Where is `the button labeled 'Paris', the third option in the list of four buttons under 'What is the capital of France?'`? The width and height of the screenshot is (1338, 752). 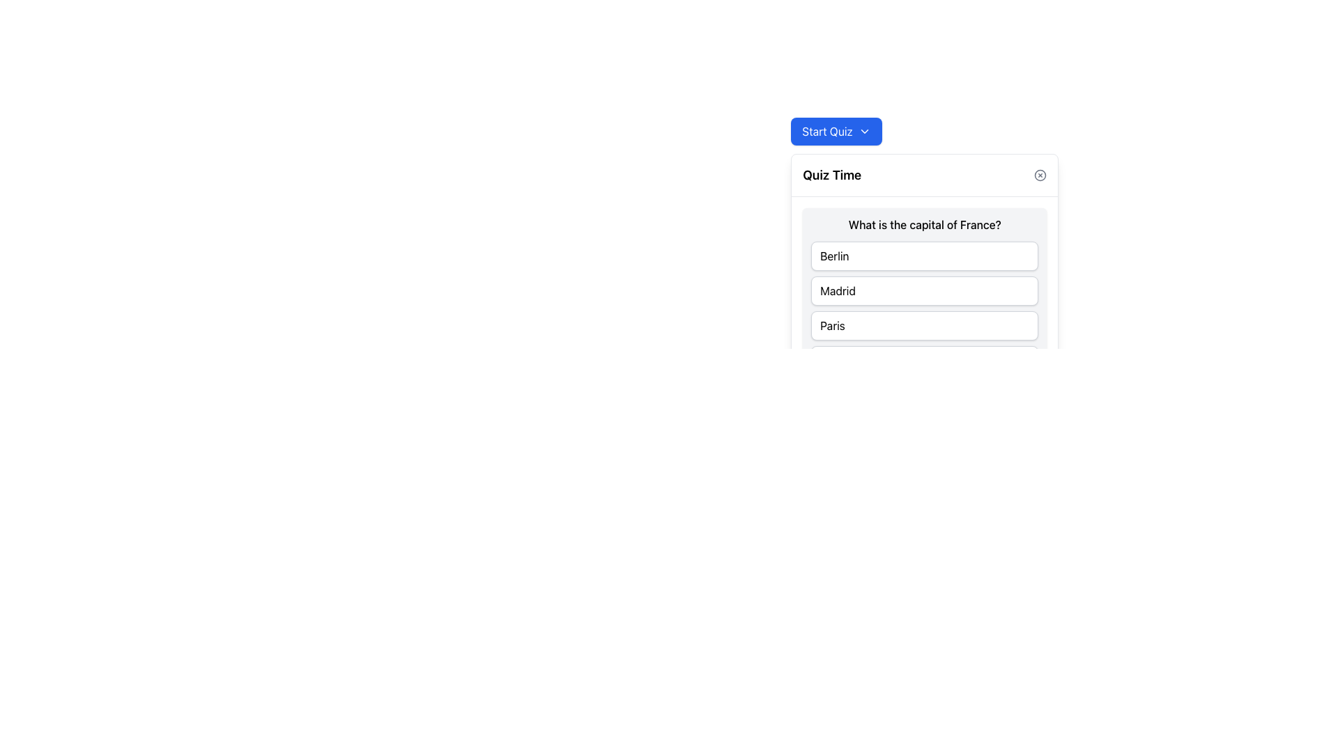 the button labeled 'Paris', the third option in the list of four buttons under 'What is the capital of France?' is located at coordinates (925, 325).